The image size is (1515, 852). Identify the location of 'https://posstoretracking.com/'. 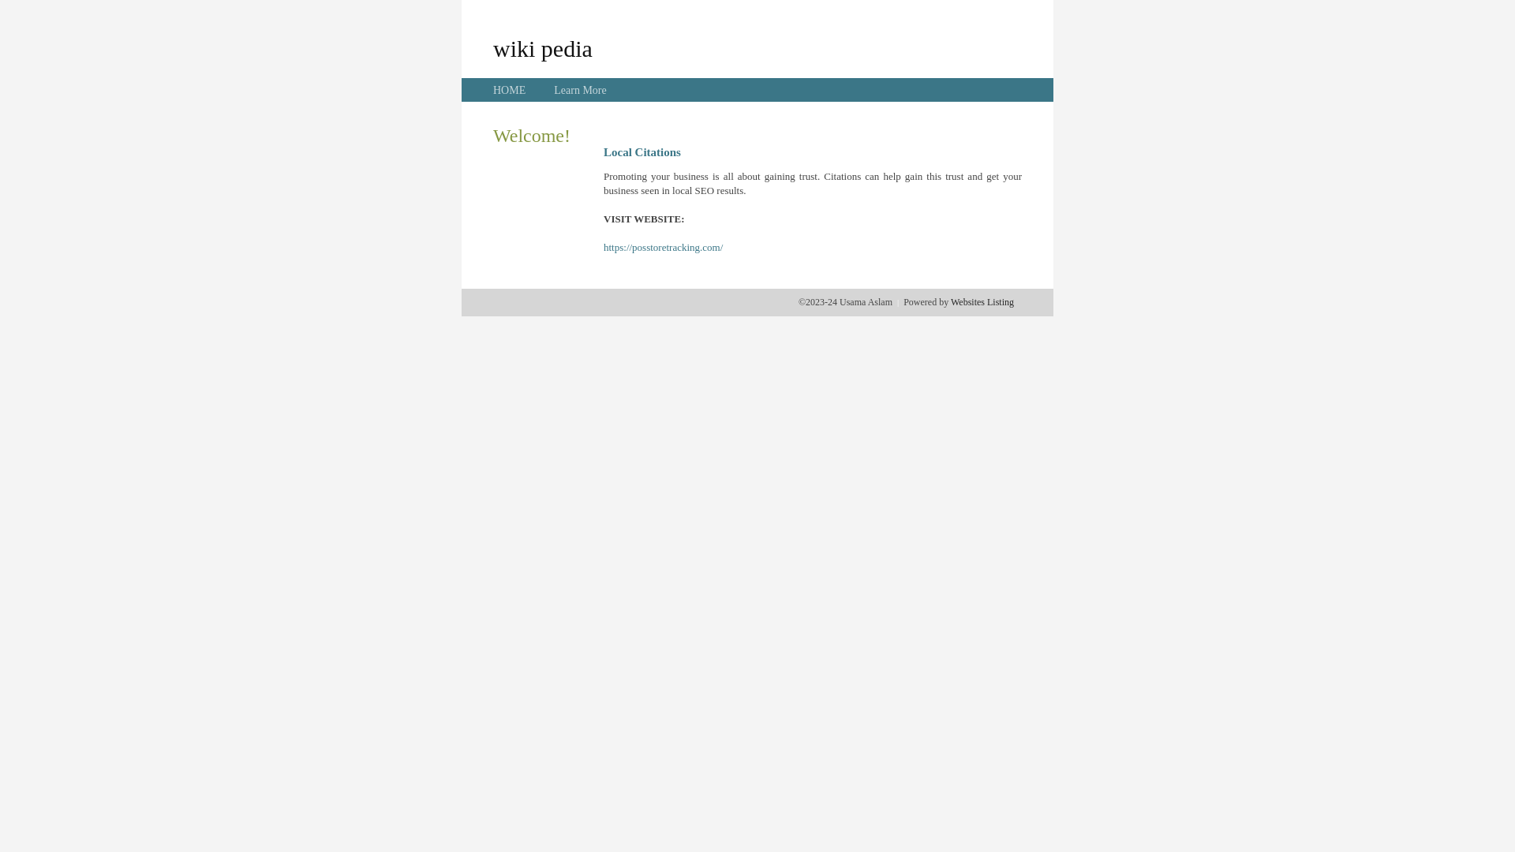
(602, 247).